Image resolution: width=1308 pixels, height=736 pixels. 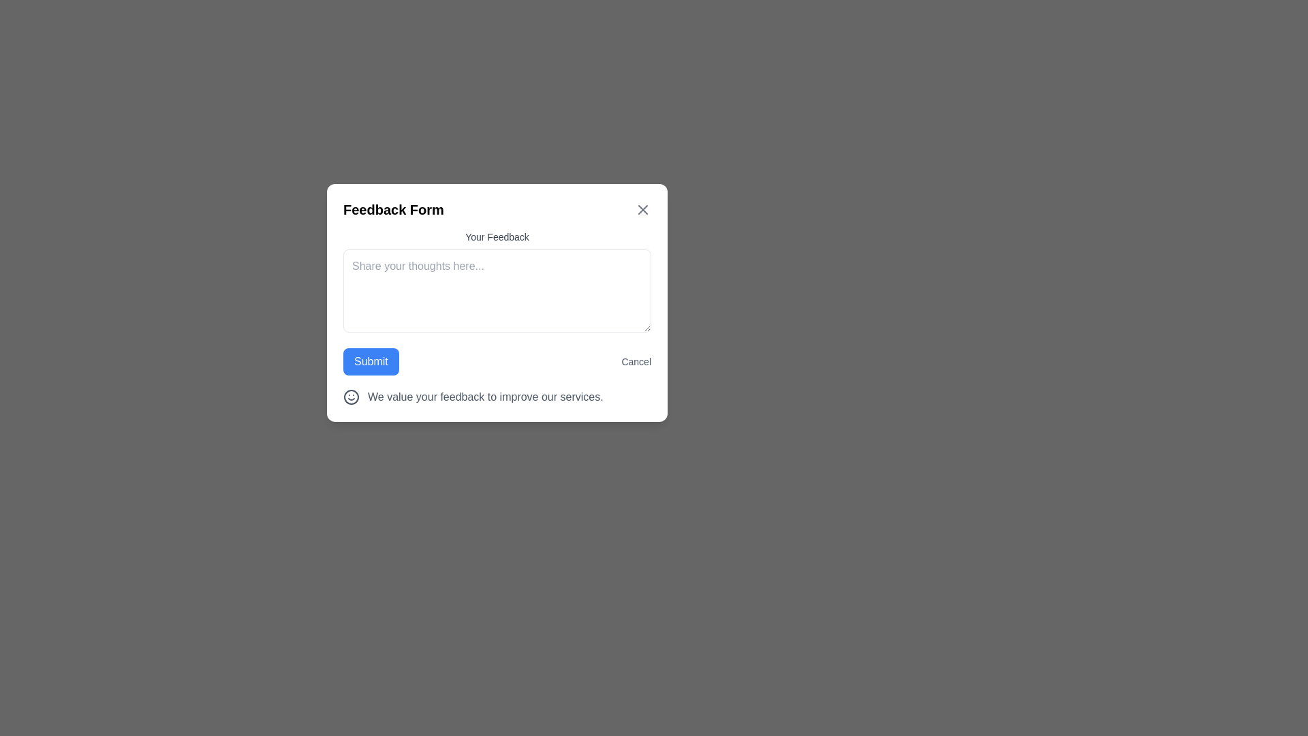 What do you see at coordinates (351, 397) in the screenshot?
I see `the decorative icon located to the very left within the horizontal grouping at the bottom of the feedback form, adjacent to the text 'We value your feedback to improve our services.'` at bounding box center [351, 397].